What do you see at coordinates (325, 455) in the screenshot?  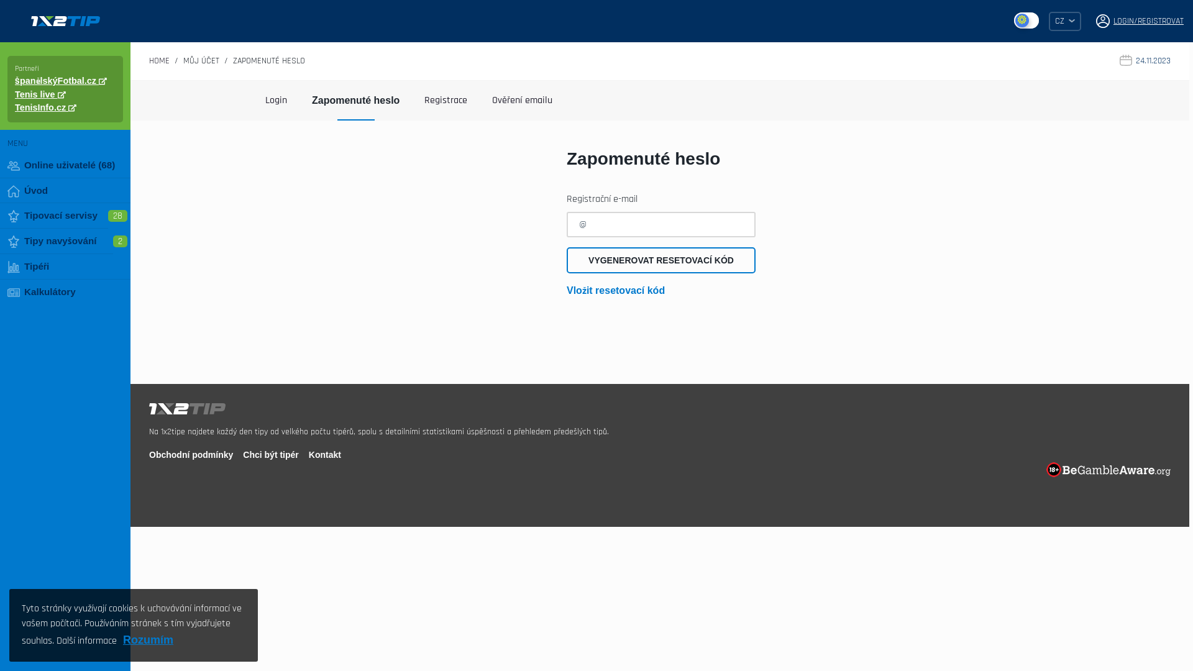 I see `'Kontakt'` at bounding box center [325, 455].